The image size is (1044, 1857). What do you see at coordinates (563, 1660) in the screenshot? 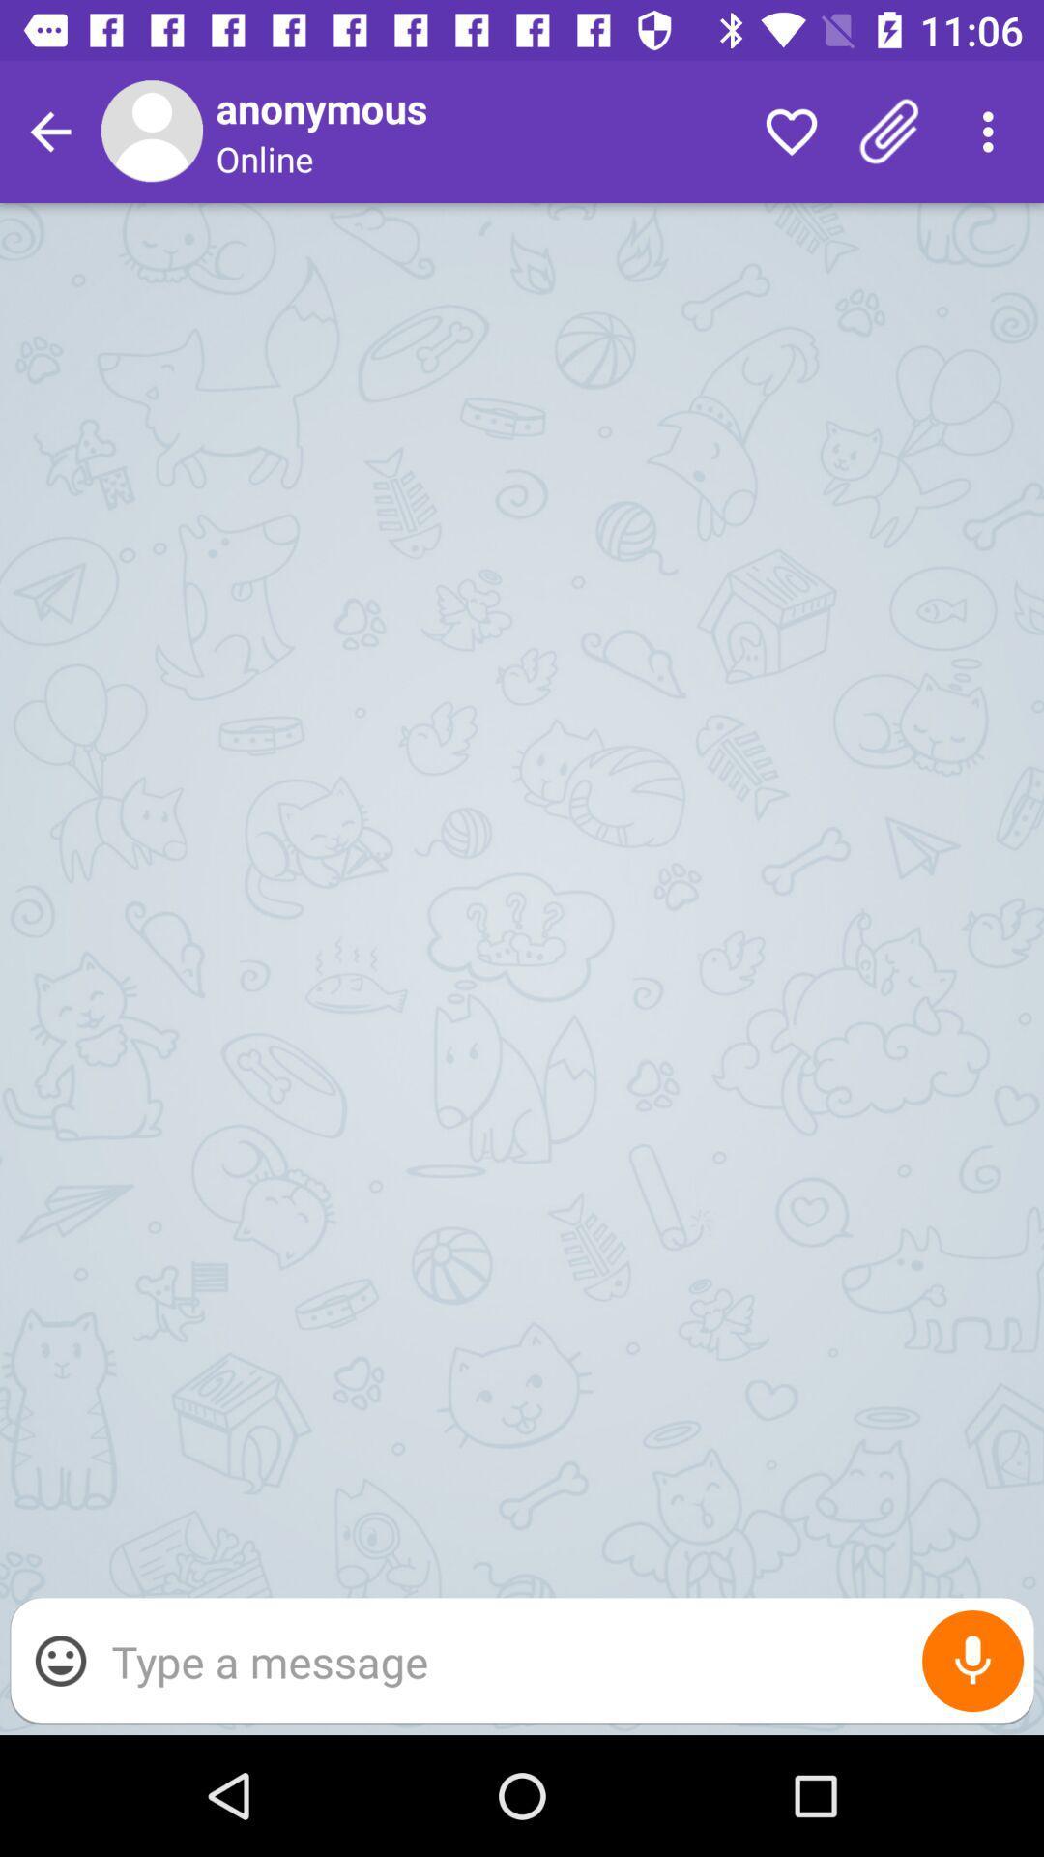
I see `type a message` at bounding box center [563, 1660].